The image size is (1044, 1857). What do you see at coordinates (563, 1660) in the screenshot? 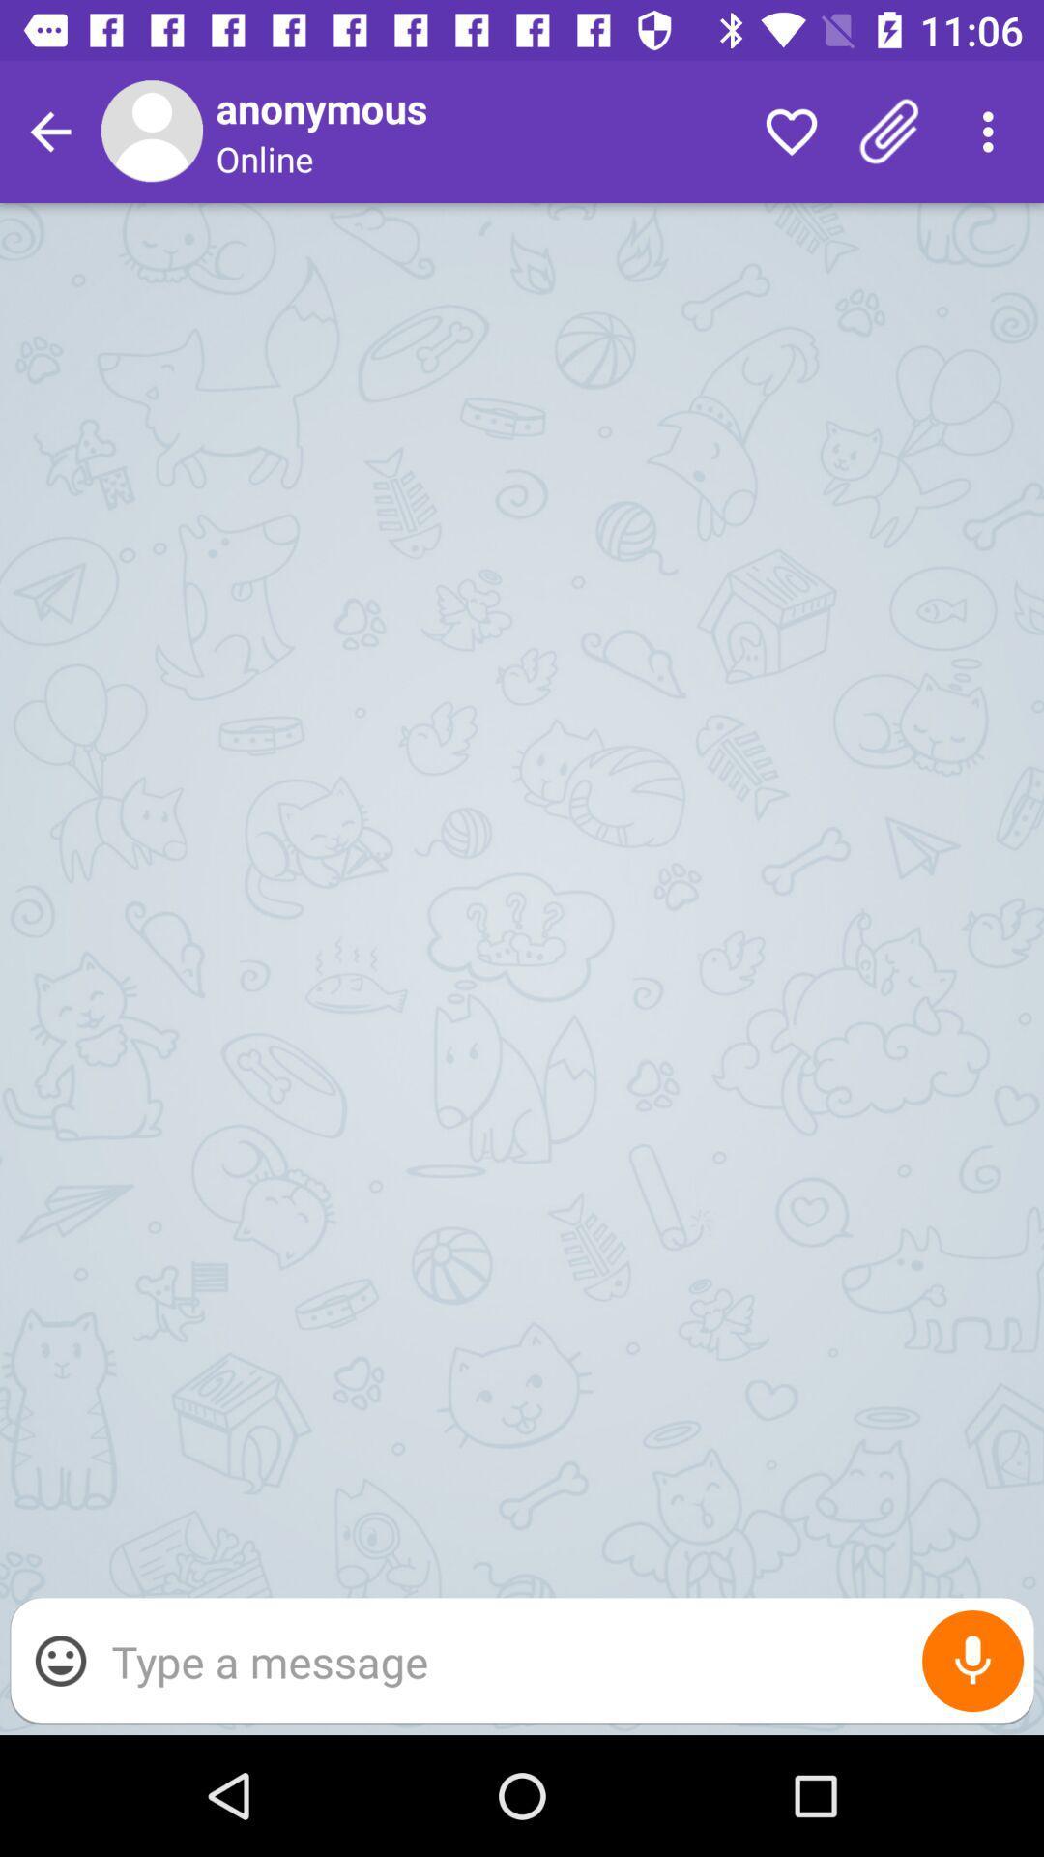
I see `type a message` at bounding box center [563, 1660].